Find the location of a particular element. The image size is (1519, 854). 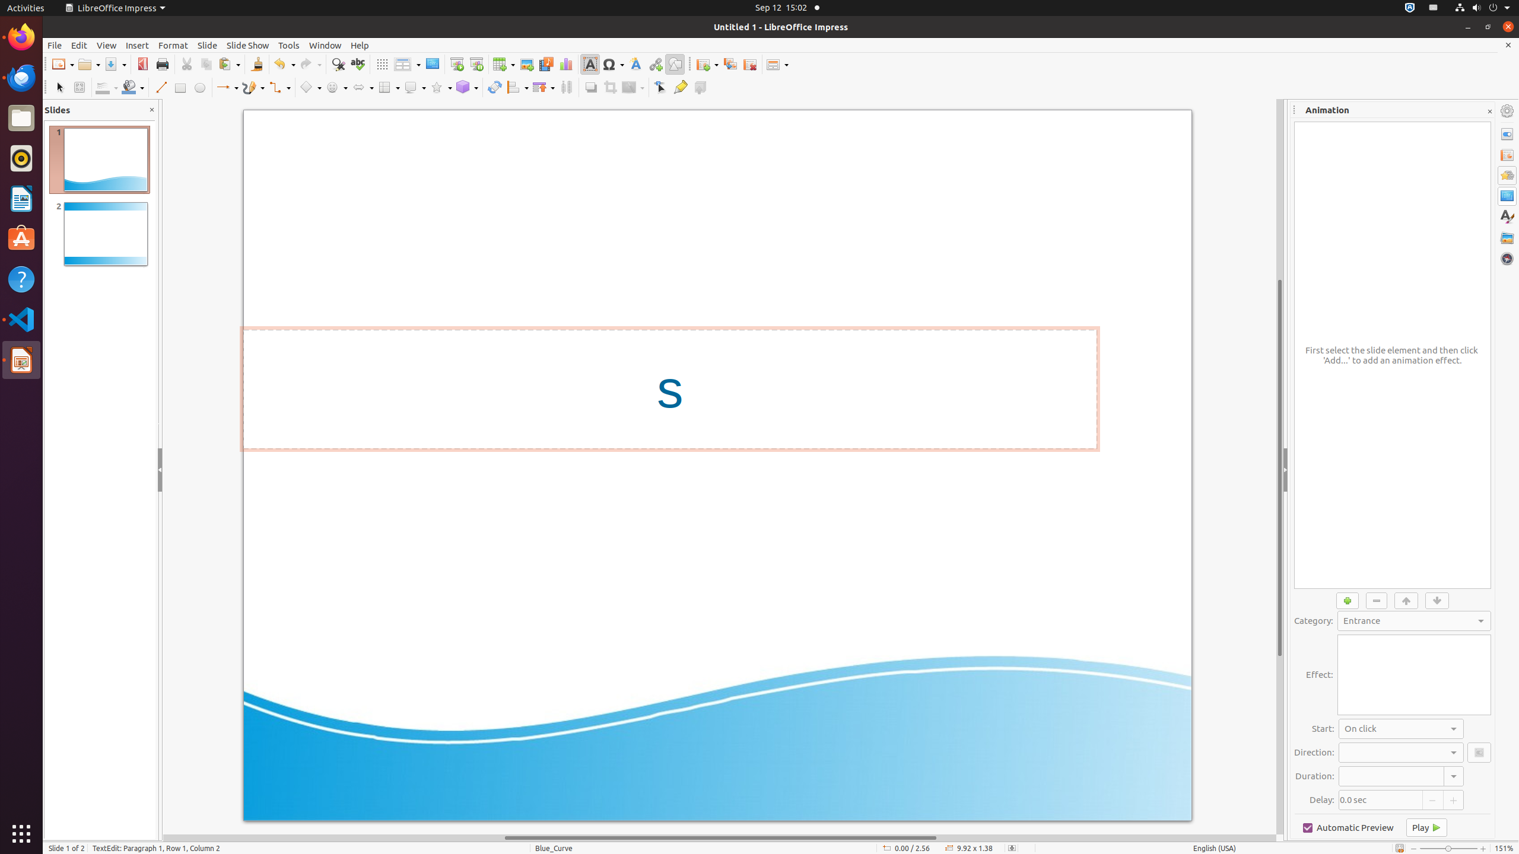

'Properties' is located at coordinates (1507, 133).